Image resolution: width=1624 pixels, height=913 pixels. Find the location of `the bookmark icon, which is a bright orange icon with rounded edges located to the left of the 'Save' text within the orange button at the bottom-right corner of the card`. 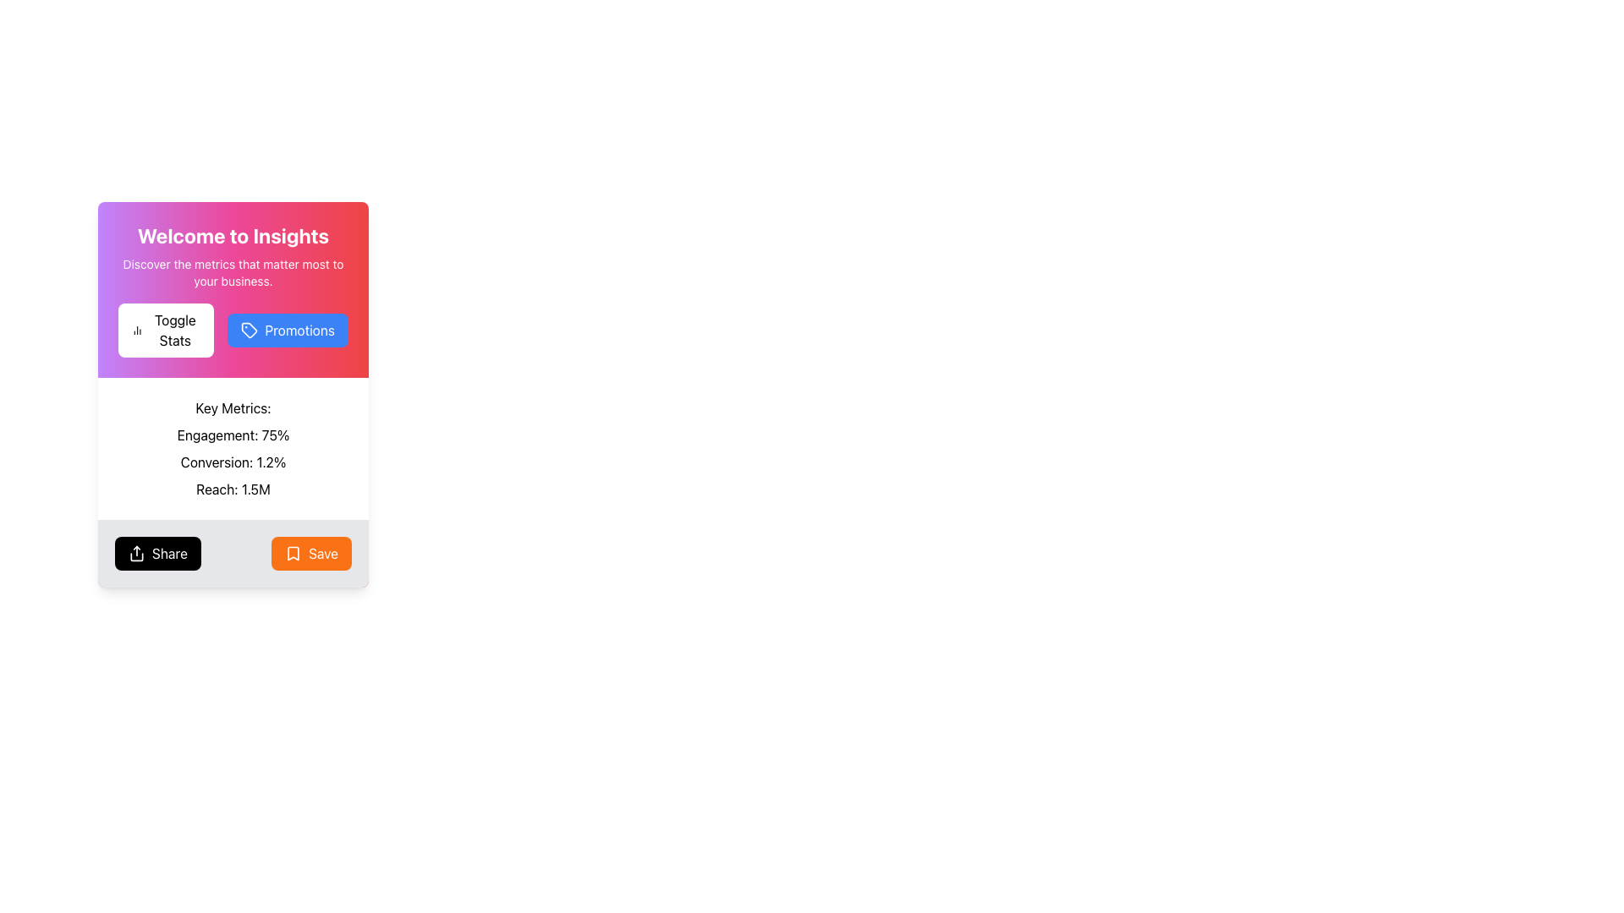

the bookmark icon, which is a bright orange icon with rounded edges located to the left of the 'Save' text within the orange button at the bottom-right corner of the card is located at coordinates (293, 554).